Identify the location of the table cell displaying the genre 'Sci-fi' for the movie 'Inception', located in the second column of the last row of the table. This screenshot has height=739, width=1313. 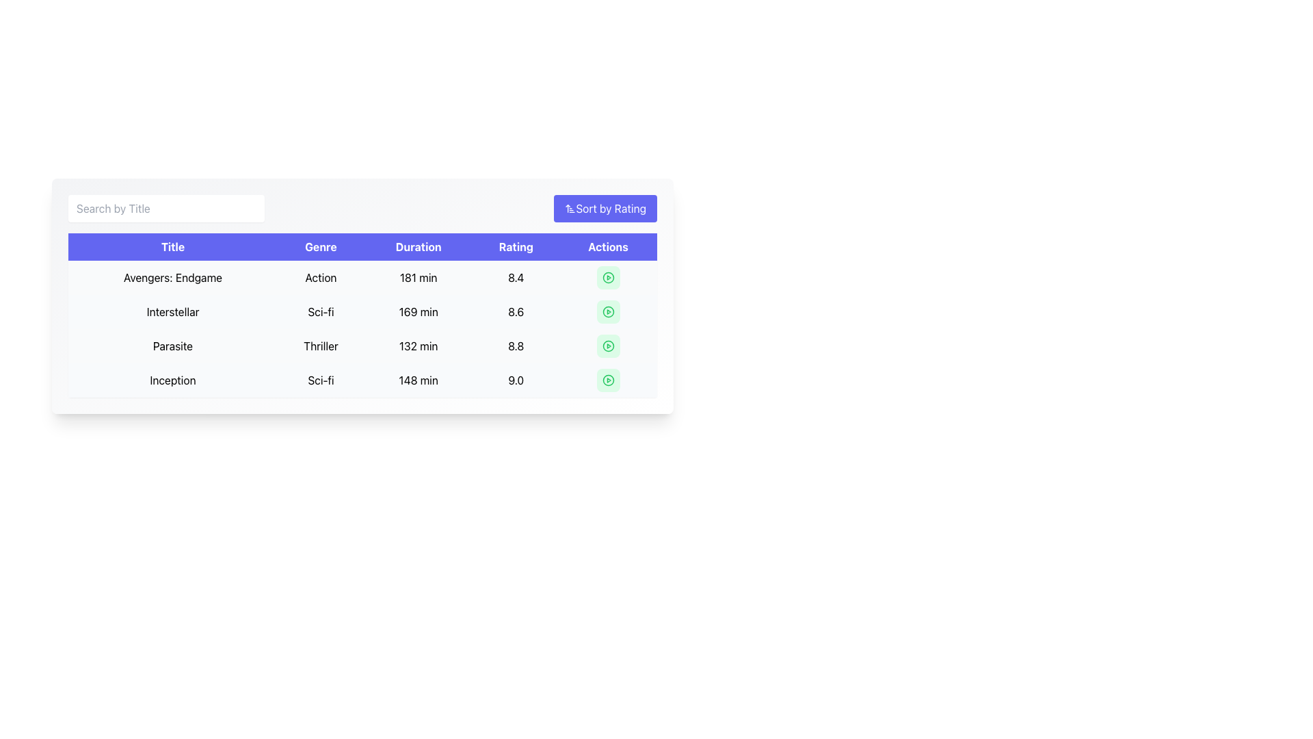
(320, 380).